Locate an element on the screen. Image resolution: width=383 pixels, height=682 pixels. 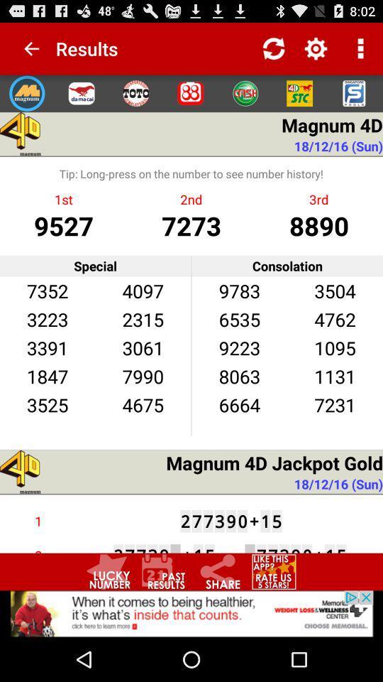
the videocam icon is located at coordinates (299, 99).